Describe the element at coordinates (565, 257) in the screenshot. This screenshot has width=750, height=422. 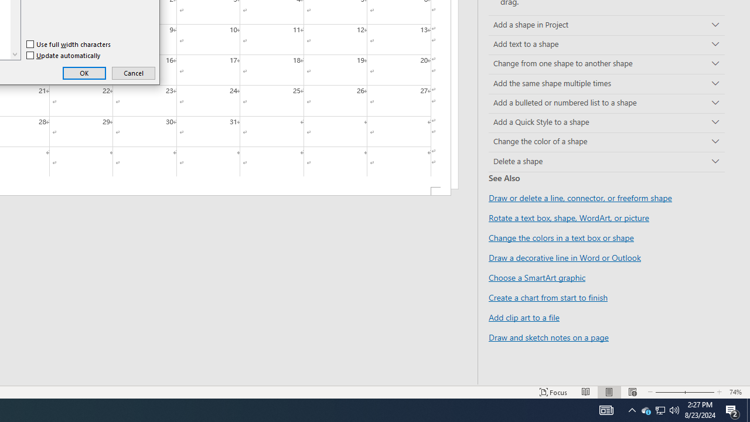
I see `'Draw a decorative line in Word or Outlook'` at that location.